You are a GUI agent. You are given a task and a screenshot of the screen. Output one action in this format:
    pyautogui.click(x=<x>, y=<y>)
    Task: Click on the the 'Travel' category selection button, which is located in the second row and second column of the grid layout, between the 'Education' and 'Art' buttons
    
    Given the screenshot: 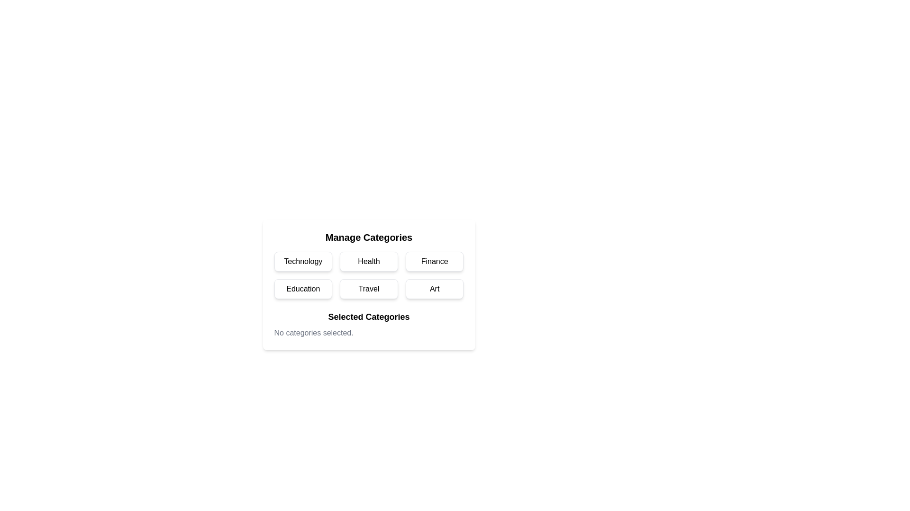 What is the action you would take?
    pyautogui.click(x=368, y=284)
    